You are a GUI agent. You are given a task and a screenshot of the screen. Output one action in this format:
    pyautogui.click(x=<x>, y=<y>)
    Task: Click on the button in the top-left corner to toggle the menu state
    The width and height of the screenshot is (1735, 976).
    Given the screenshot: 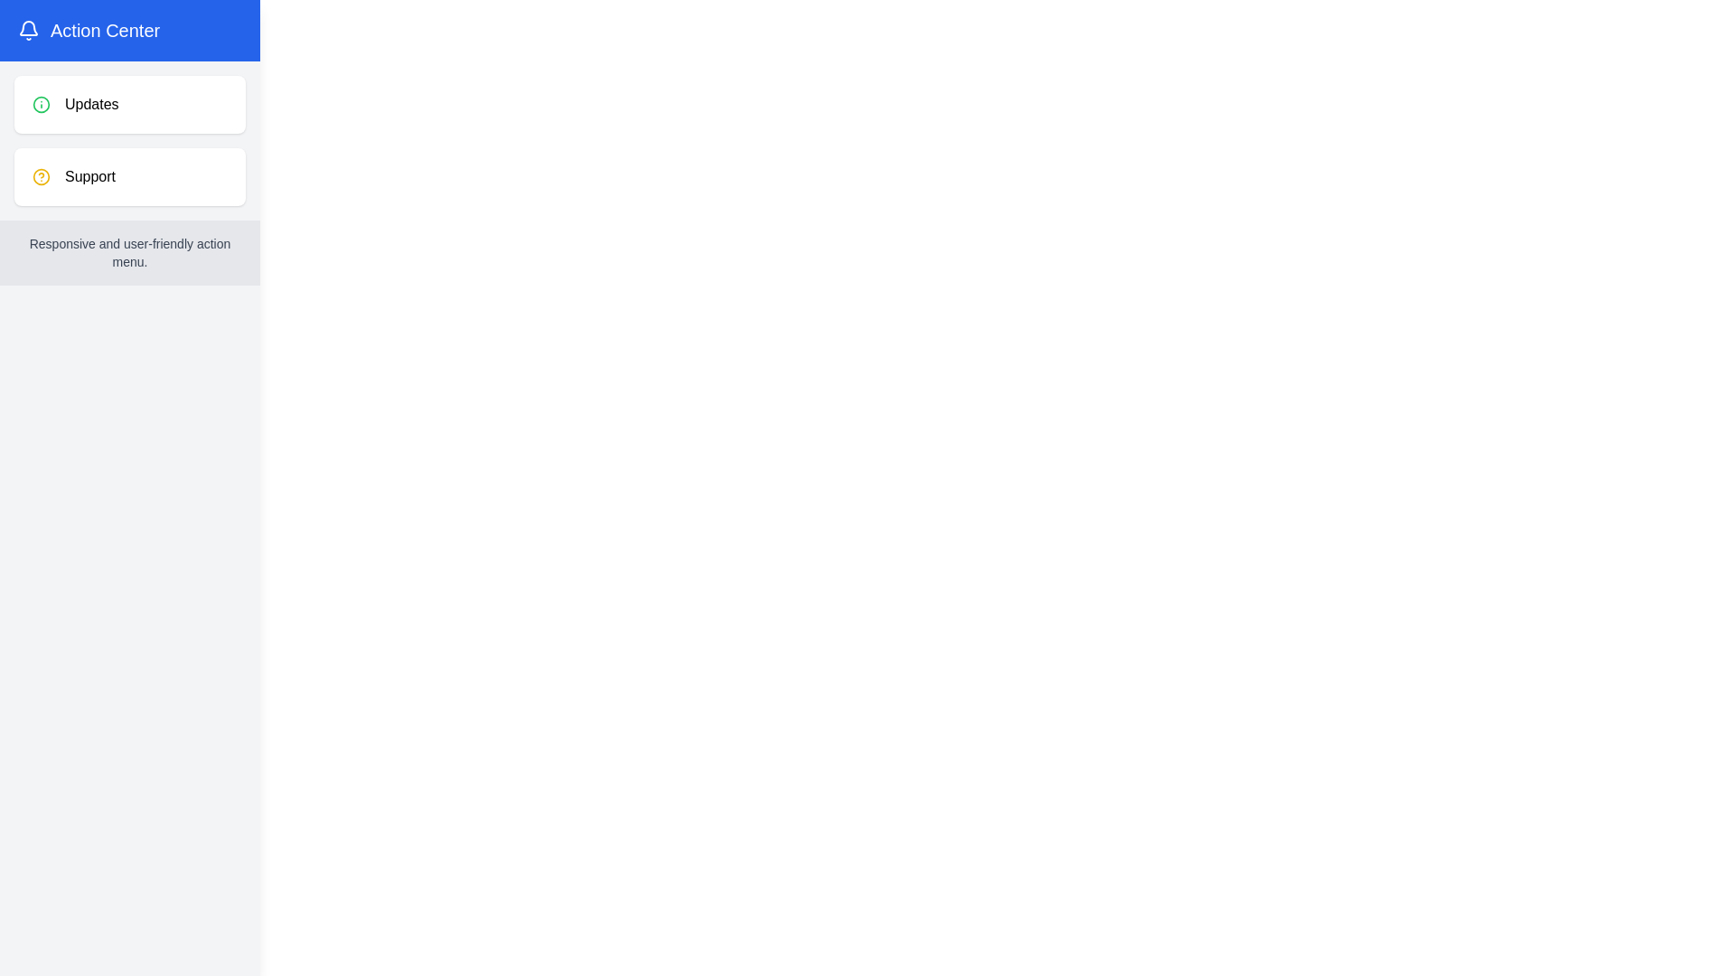 What is the action you would take?
    pyautogui.click(x=43, y=44)
    